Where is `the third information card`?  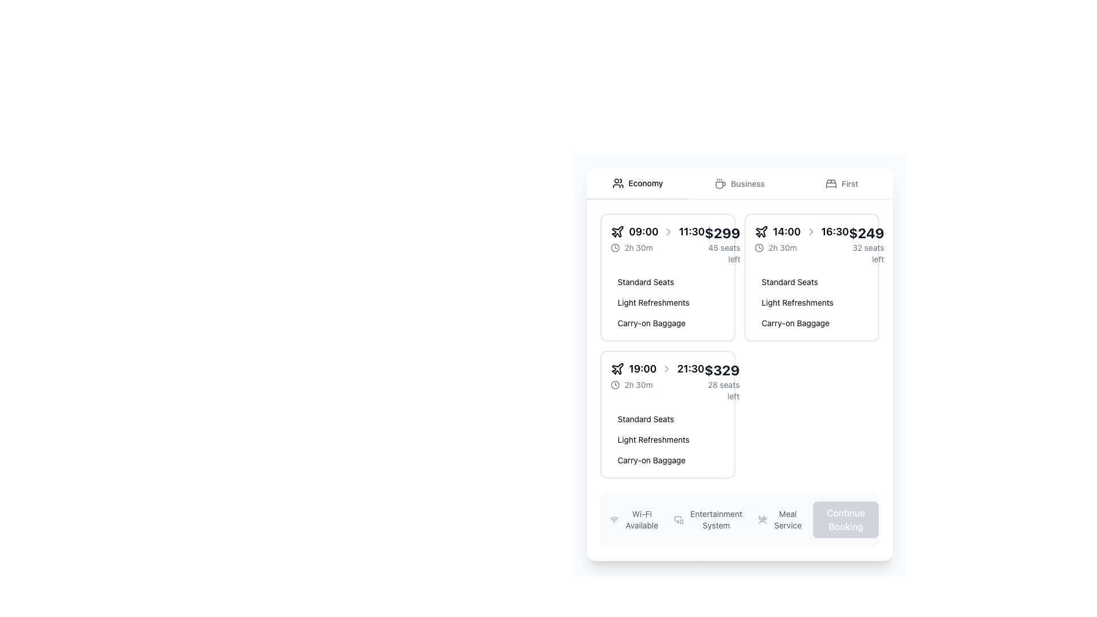
the third information card is located at coordinates (668, 414).